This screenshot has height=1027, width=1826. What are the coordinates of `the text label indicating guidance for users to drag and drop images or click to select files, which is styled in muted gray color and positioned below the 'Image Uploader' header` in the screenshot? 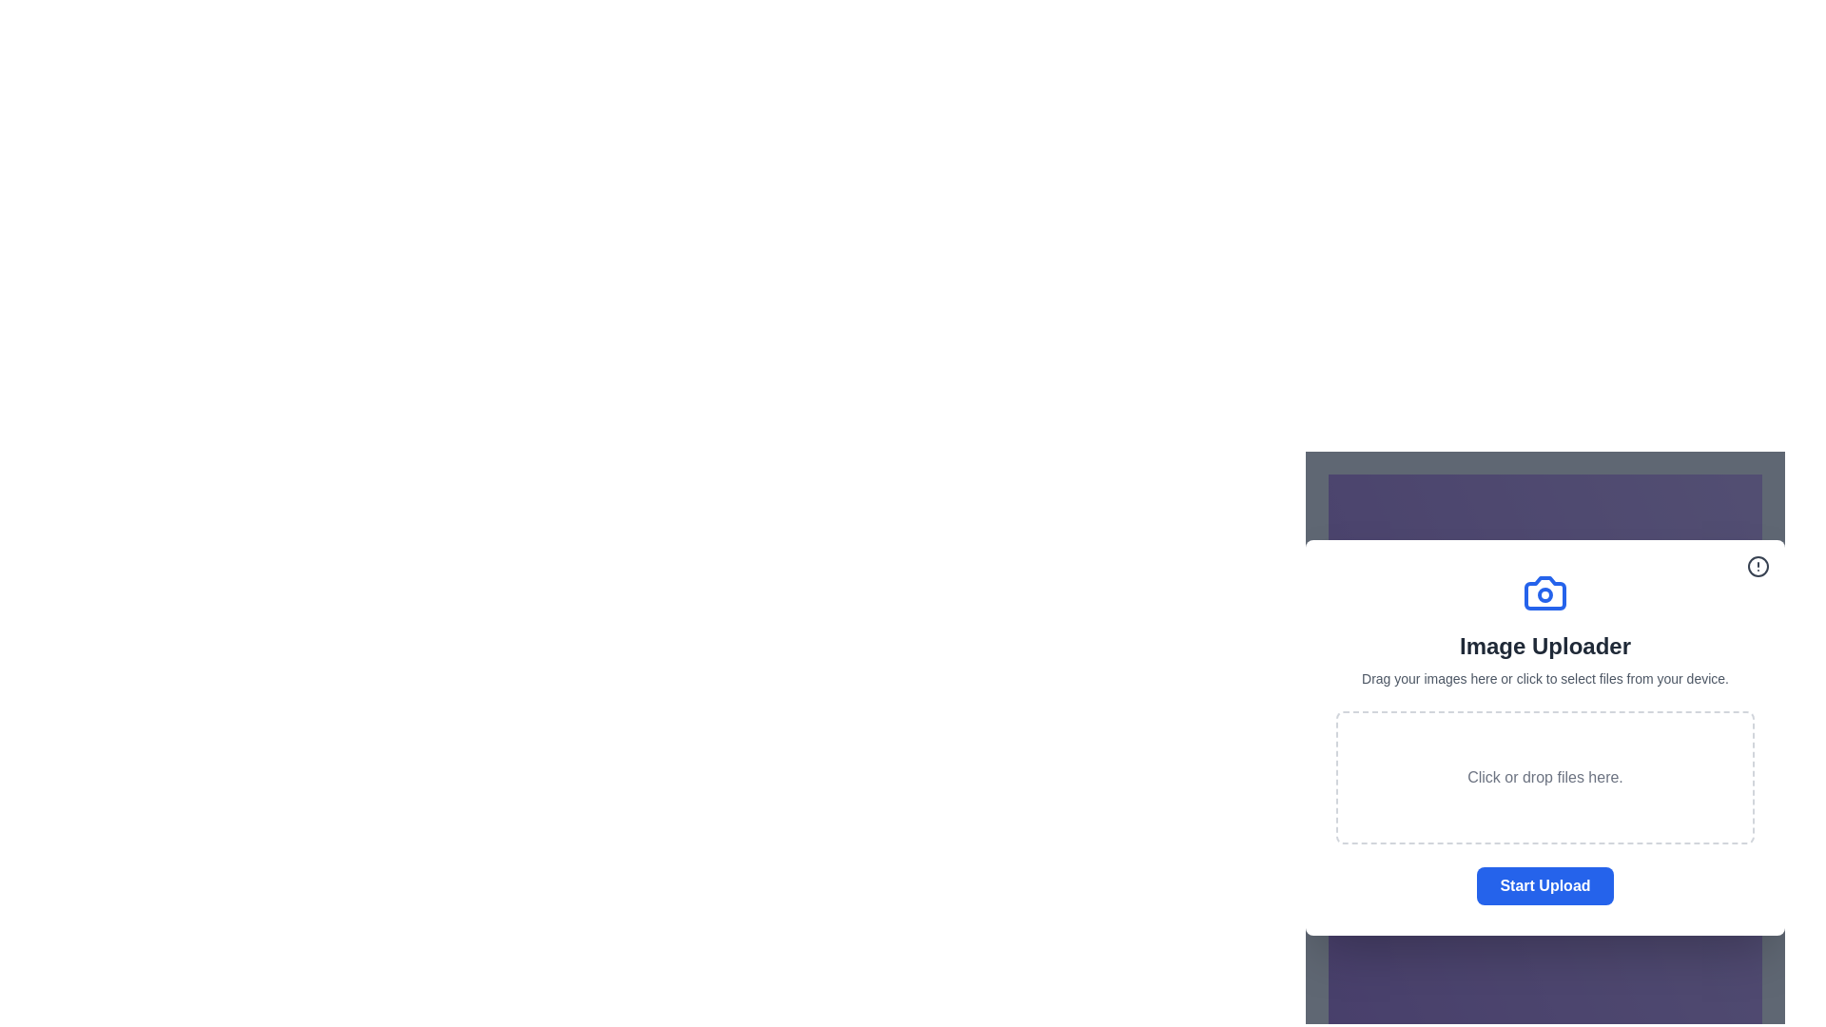 It's located at (1545, 677).